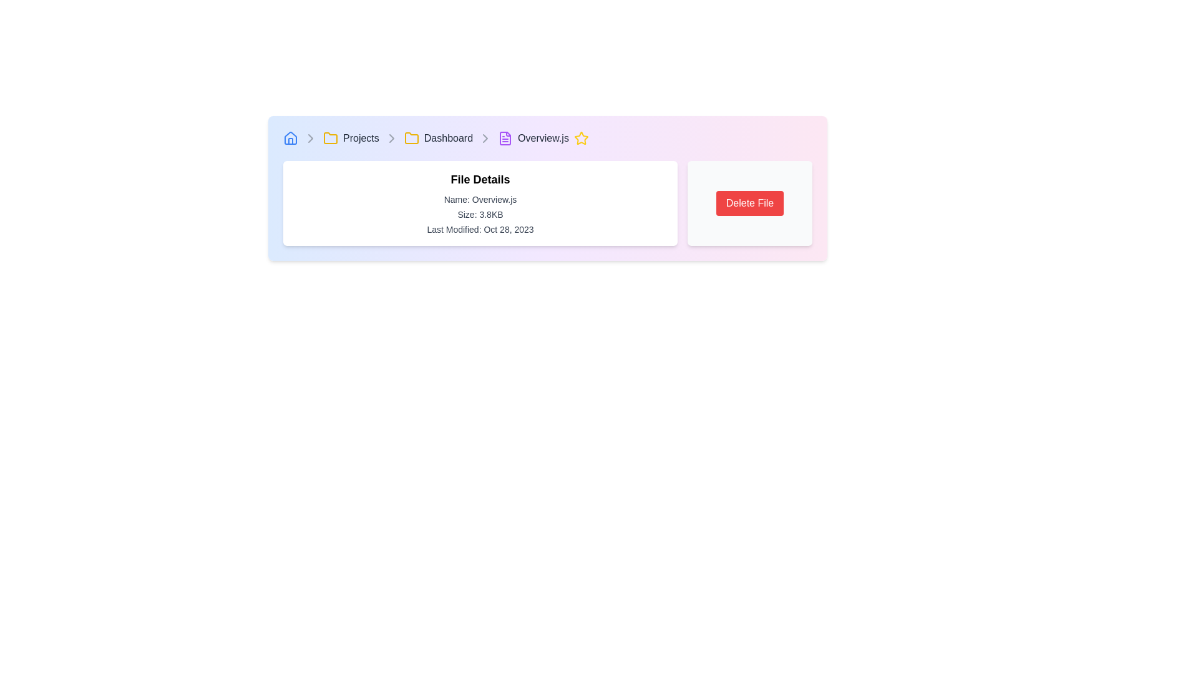  Describe the element at coordinates (330, 138) in the screenshot. I see `the distinct folder icon in the breadcrumbs navigation bar, which is positioned between the house-shaped icon and the 'Projects' text label` at that location.